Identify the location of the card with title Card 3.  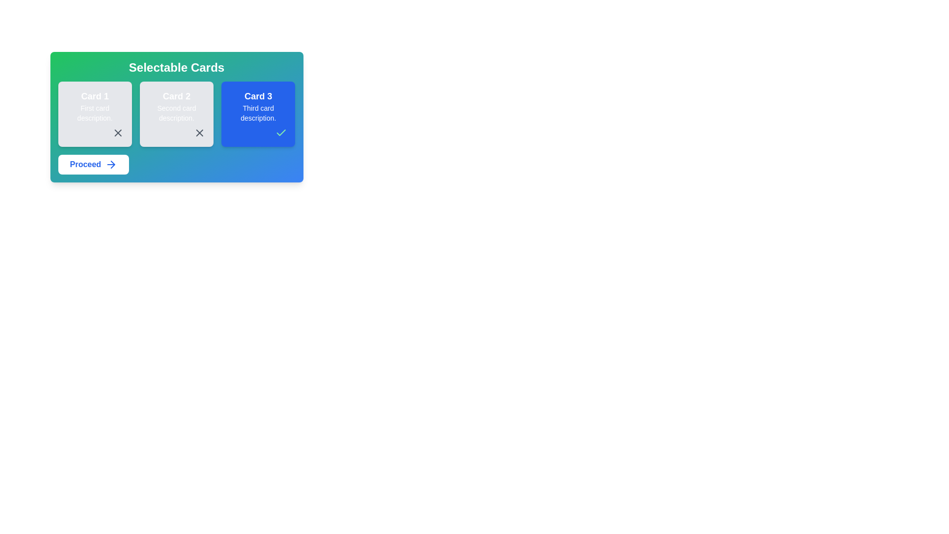
(258, 114).